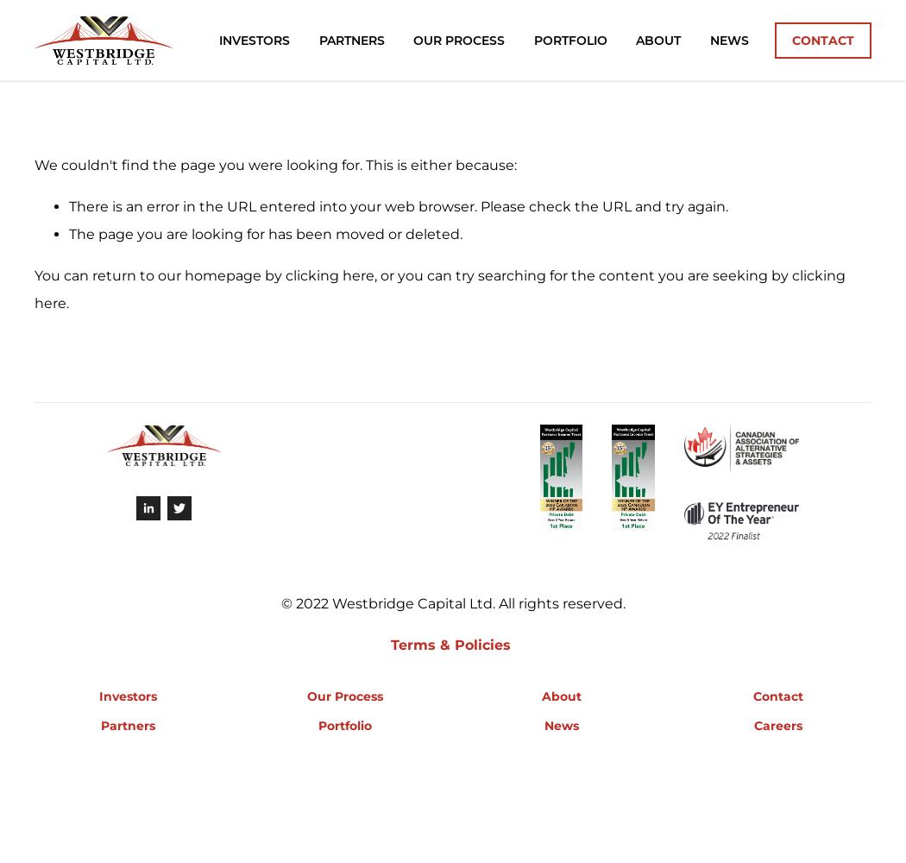  Describe the element at coordinates (67, 302) in the screenshot. I see `'.'` at that location.